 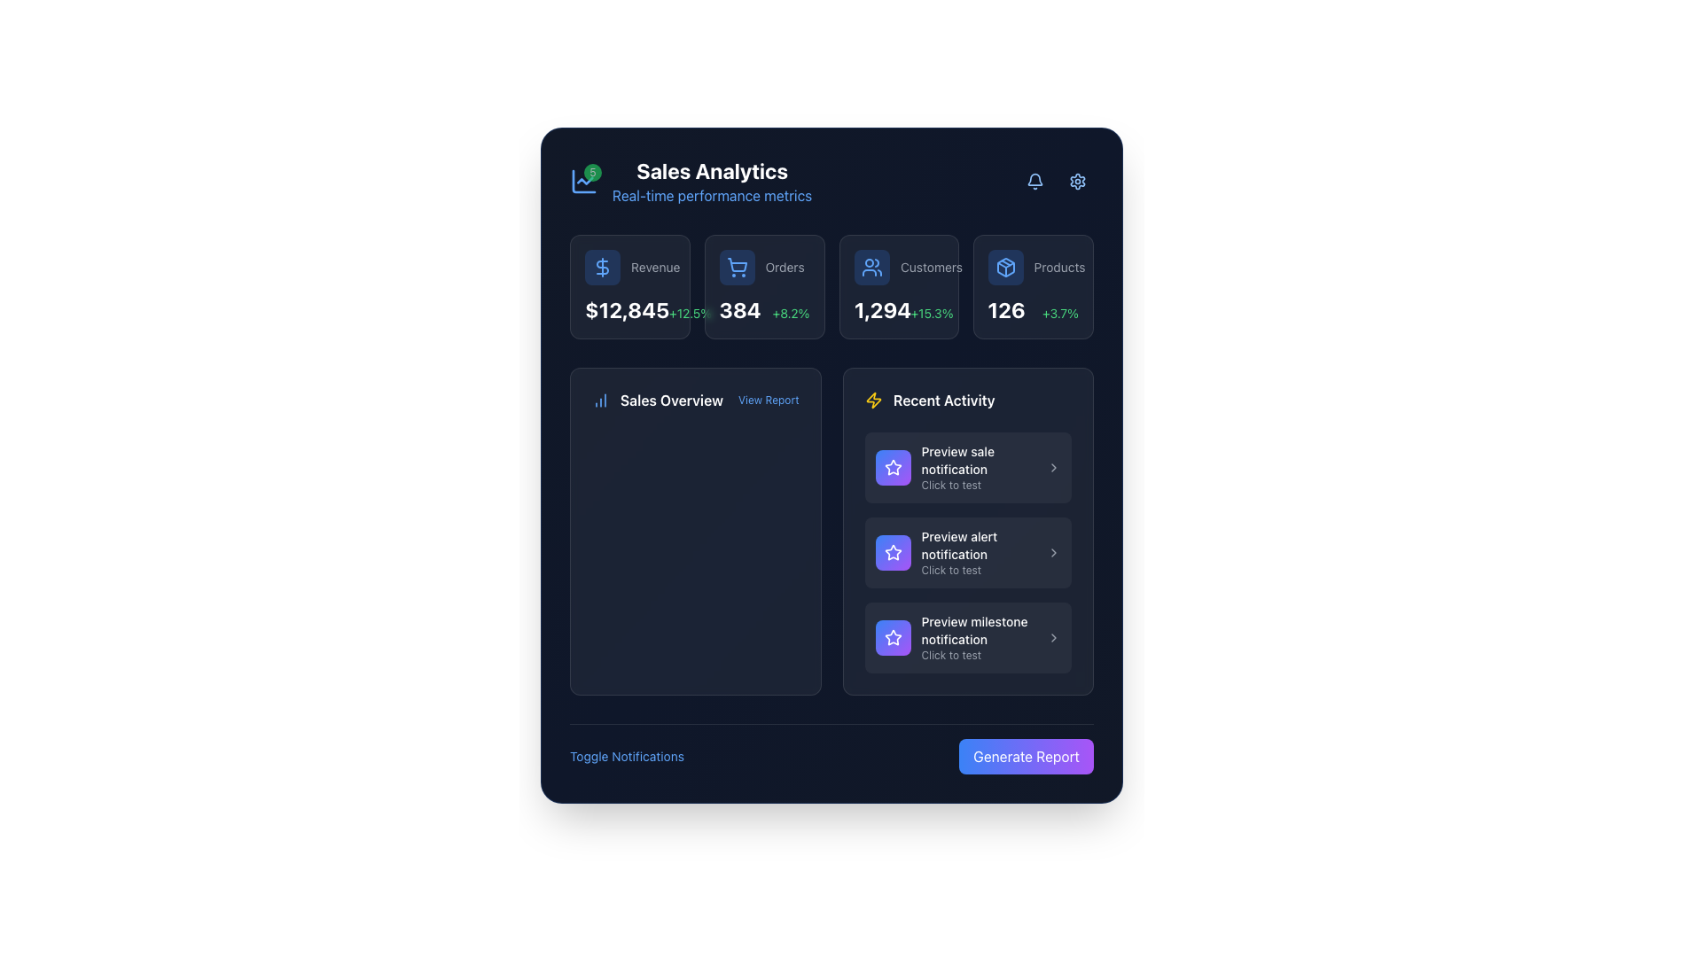 I want to click on text content of the Text label that serves as a title or label for the section summarizing or analyzing sales data, positioned above the larger panel displaying detailed analytics, so click(x=671, y=400).